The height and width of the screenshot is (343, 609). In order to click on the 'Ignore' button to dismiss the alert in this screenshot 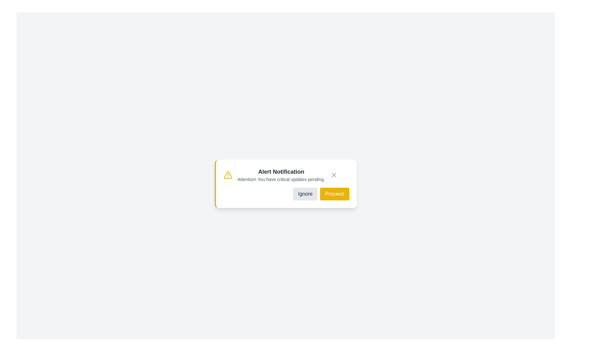, I will do `click(305, 193)`.